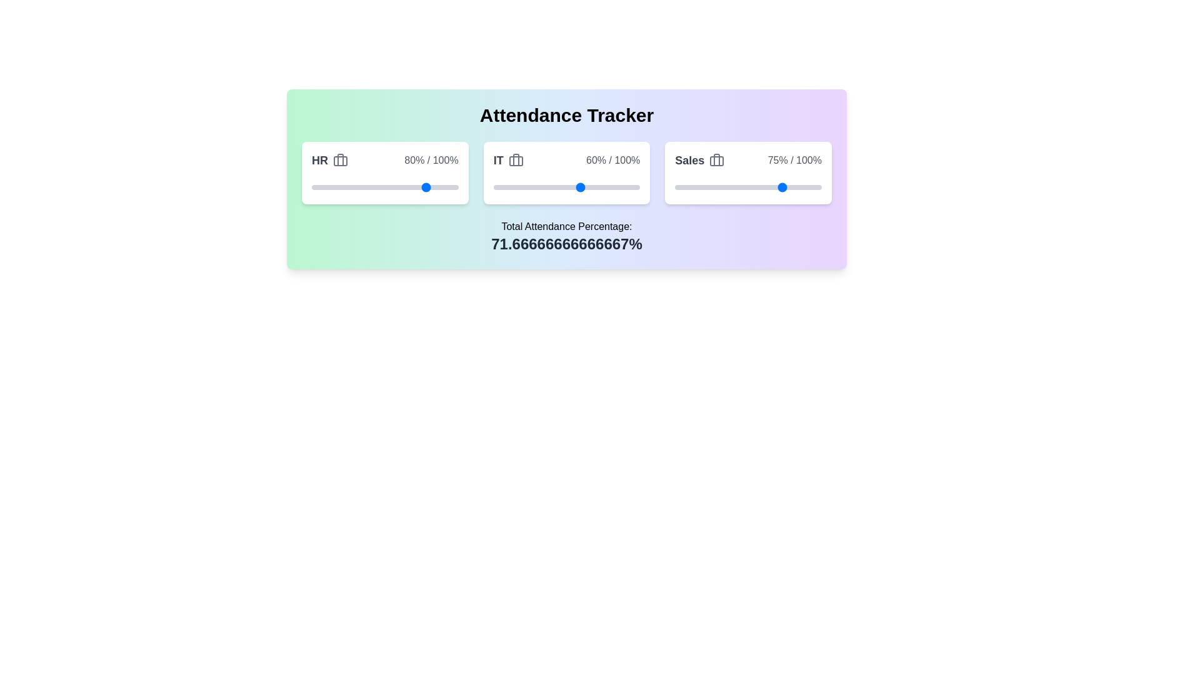 The image size is (1200, 675). I want to click on HR attendance percentage, so click(326, 187).